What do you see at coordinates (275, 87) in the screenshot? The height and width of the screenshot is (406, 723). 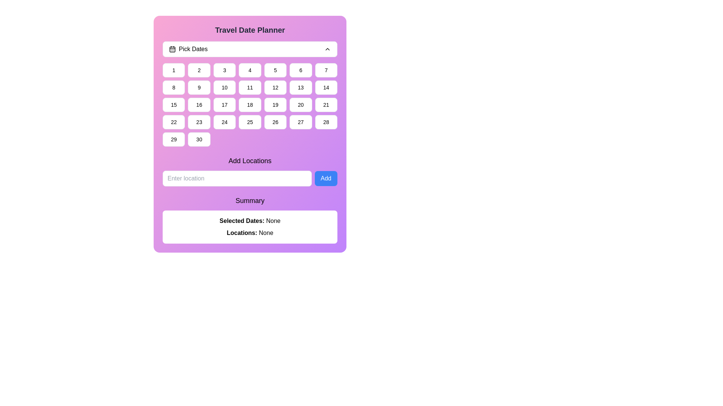 I see `the button representing the 12th day in the date picker` at bounding box center [275, 87].